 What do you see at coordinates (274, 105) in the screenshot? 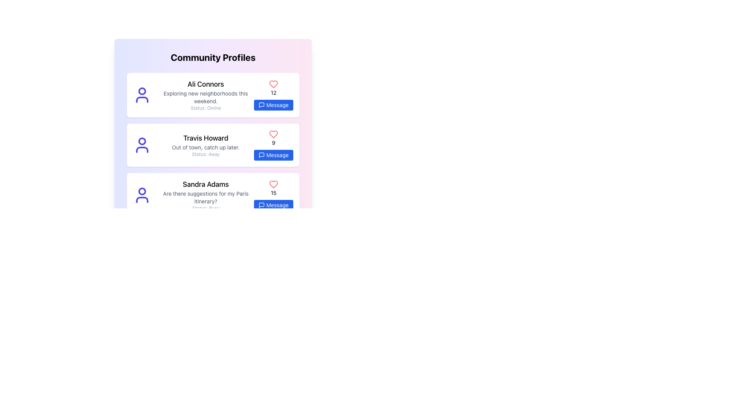
I see `the 'Message' button located at the bottom right corner of the profile card for user Ali Connors, which initiates a messaging interaction` at bounding box center [274, 105].